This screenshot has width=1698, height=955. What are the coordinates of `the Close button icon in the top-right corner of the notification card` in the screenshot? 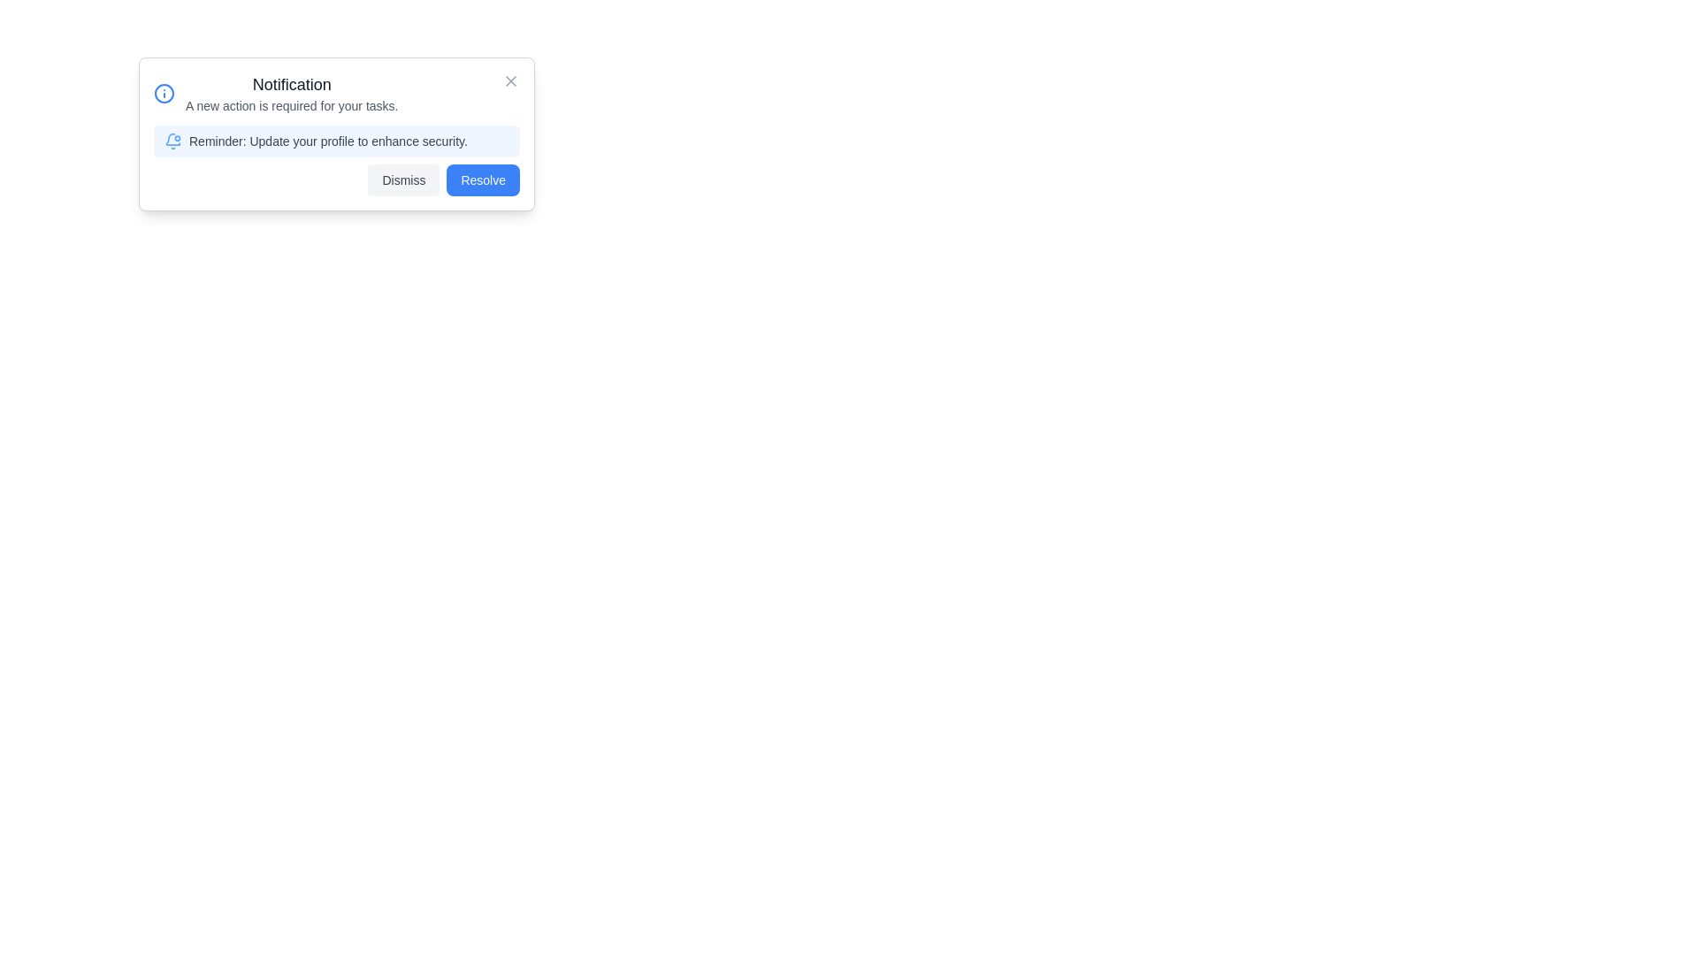 It's located at (509, 81).